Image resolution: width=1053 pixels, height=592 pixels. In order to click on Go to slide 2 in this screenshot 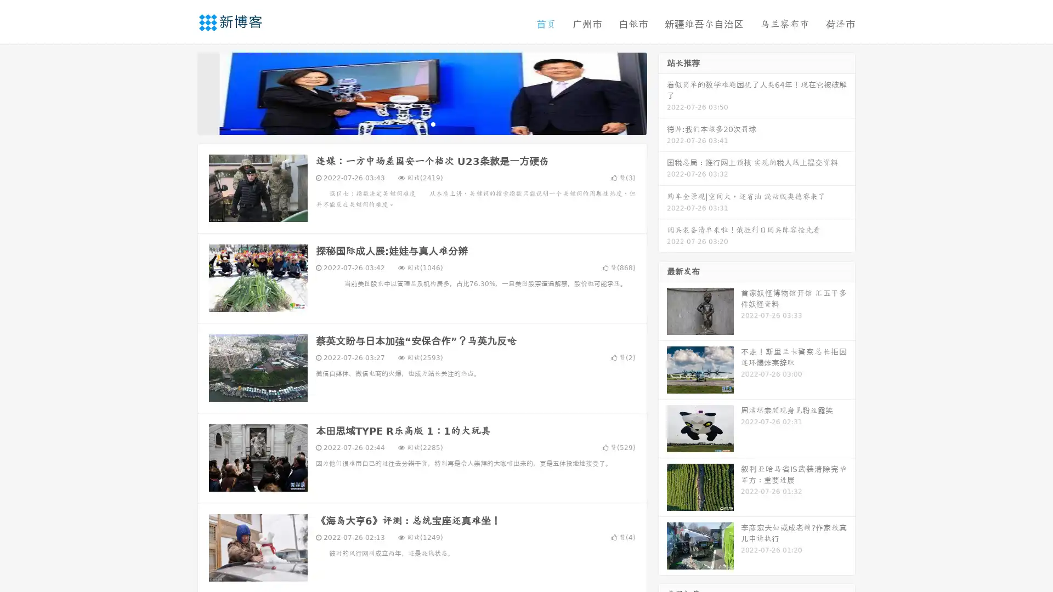, I will do `click(421, 123)`.